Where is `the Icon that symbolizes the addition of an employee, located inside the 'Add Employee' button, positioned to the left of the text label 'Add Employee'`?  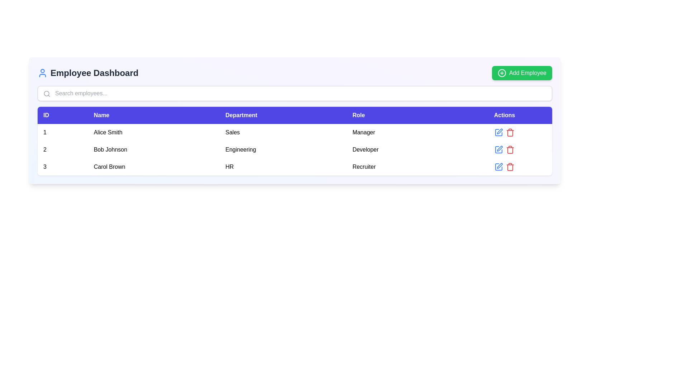 the Icon that symbolizes the addition of an employee, located inside the 'Add Employee' button, positioned to the left of the text label 'Add Employee' is located at coordinates (502, 73).